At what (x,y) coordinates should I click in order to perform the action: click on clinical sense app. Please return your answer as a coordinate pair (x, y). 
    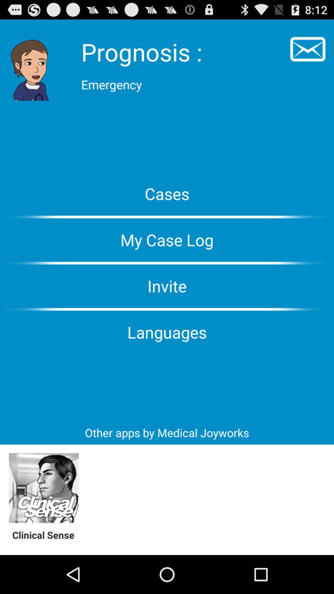
    Looking at the image, I should click on (43, 488).